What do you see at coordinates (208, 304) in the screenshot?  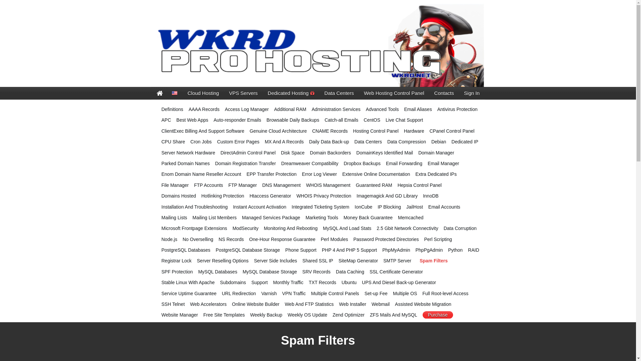 I see `'Web Accelerators'` at bounding box center [208, 304].